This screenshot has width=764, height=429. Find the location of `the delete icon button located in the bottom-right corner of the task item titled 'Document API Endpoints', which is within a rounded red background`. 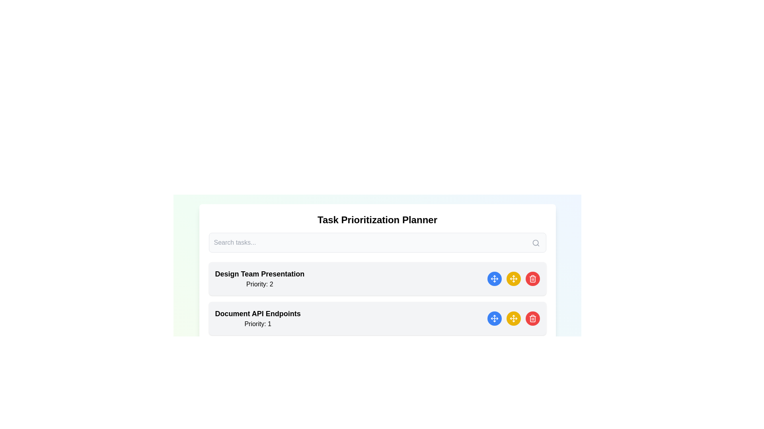

the delete icon button located in the bottom-right corner of the task item titled 'Document API Endpoints', which is within a rounded red background is located at coordinates (532, 278).